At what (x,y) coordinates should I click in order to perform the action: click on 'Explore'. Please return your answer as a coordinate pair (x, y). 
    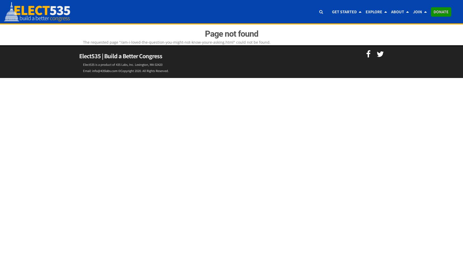
    Looking at the image, I should click on (374, 12).